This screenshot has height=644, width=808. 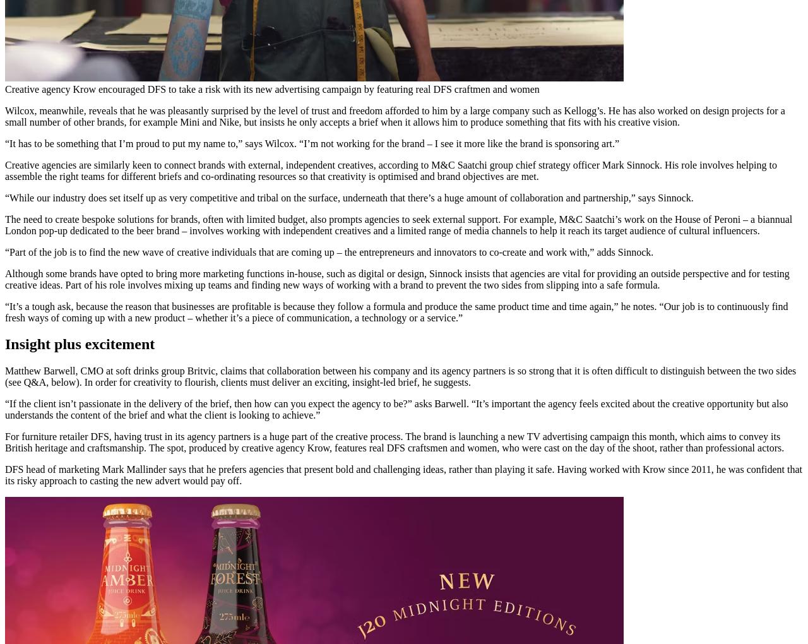 What do you see at coordinates (394, 441) in the screenshot?
I see `'For furniture retailer DFS, having trust in its agency partners is a huge part of the creative process. The brand is launching a new TV advertising campaign this month, which aims to convey its British heritage and craftsmanship. The spot, produced by creative agency Krow, features real DFS craftsmen and women, who were cast on the day of the shoot, rather than professional actors.'` at bounding box center [394, 441].